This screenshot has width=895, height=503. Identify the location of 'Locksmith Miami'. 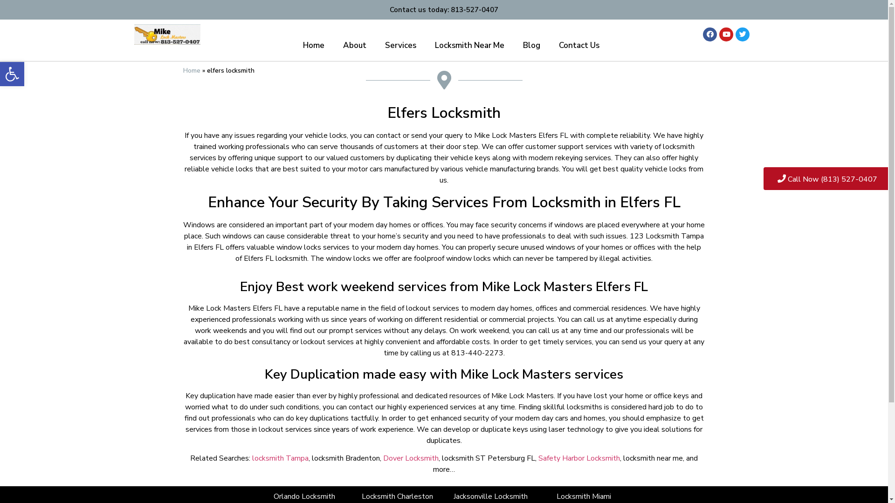
(557, 496).